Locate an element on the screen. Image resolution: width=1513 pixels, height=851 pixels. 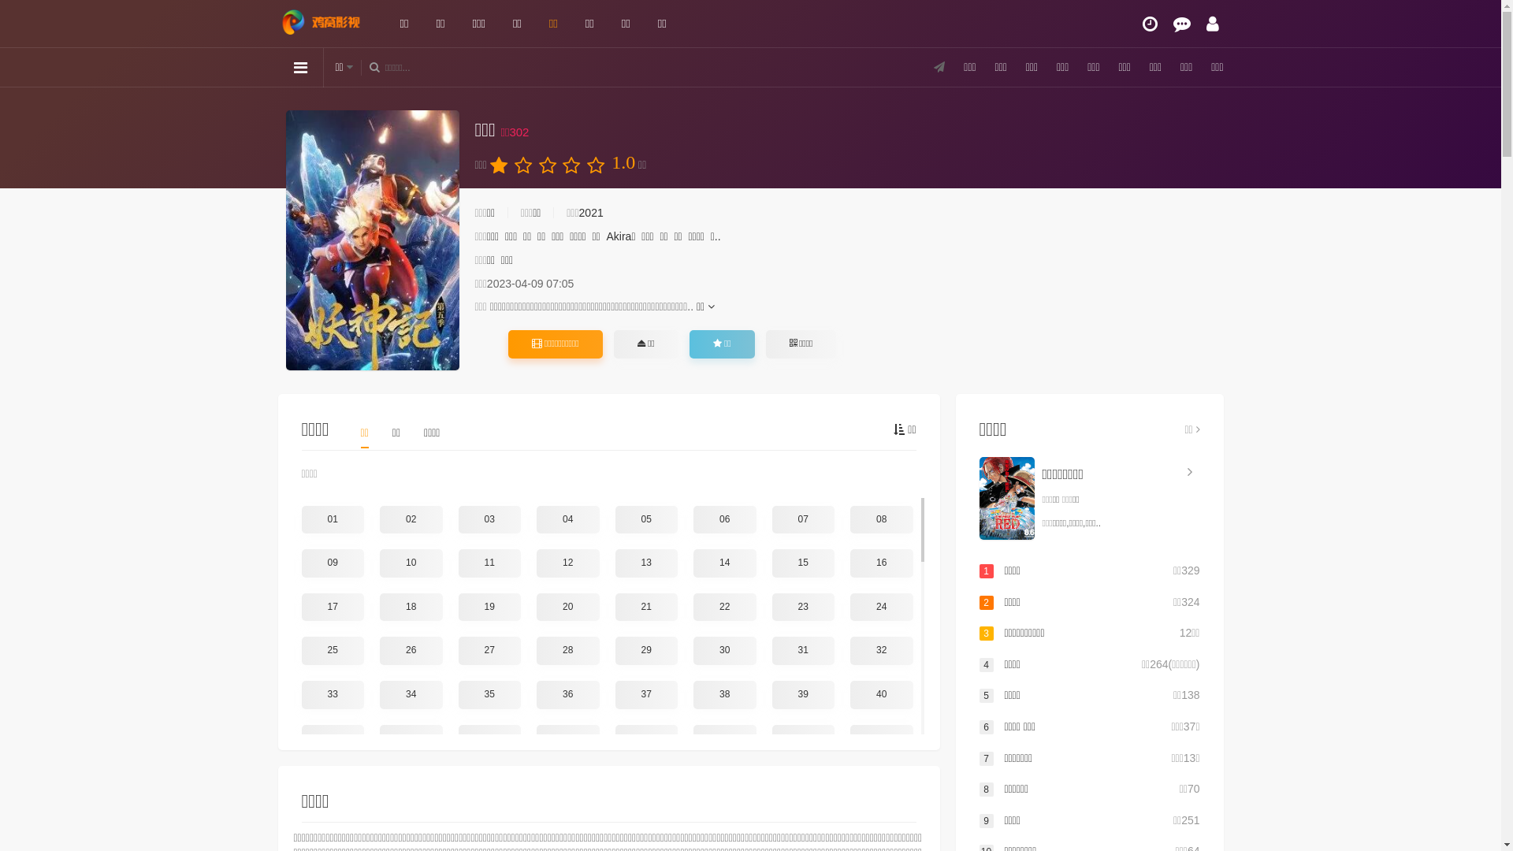
'16' is located at coordinates (880, 562).